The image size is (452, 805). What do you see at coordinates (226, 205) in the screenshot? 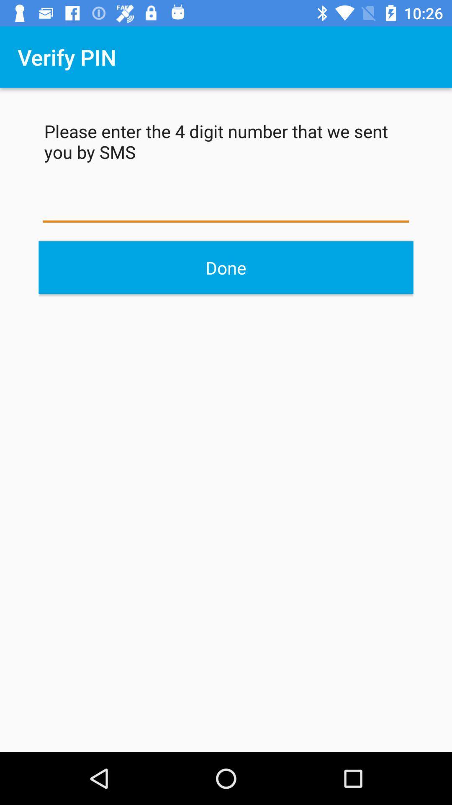
I see `the pin you received` at bounding box center [226, 205].